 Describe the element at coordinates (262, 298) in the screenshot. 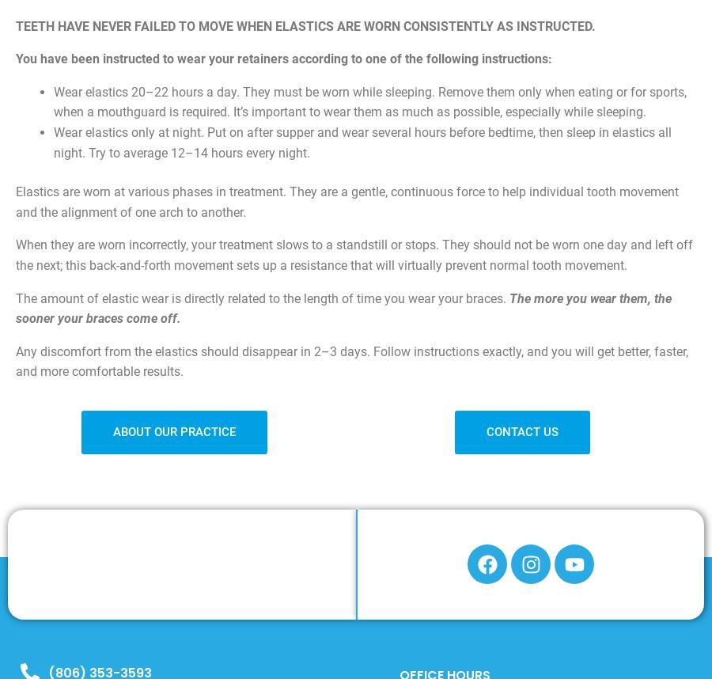

I see `'The amount of elastic wear is directly related to the length of time you wear your braces.'` at that location.